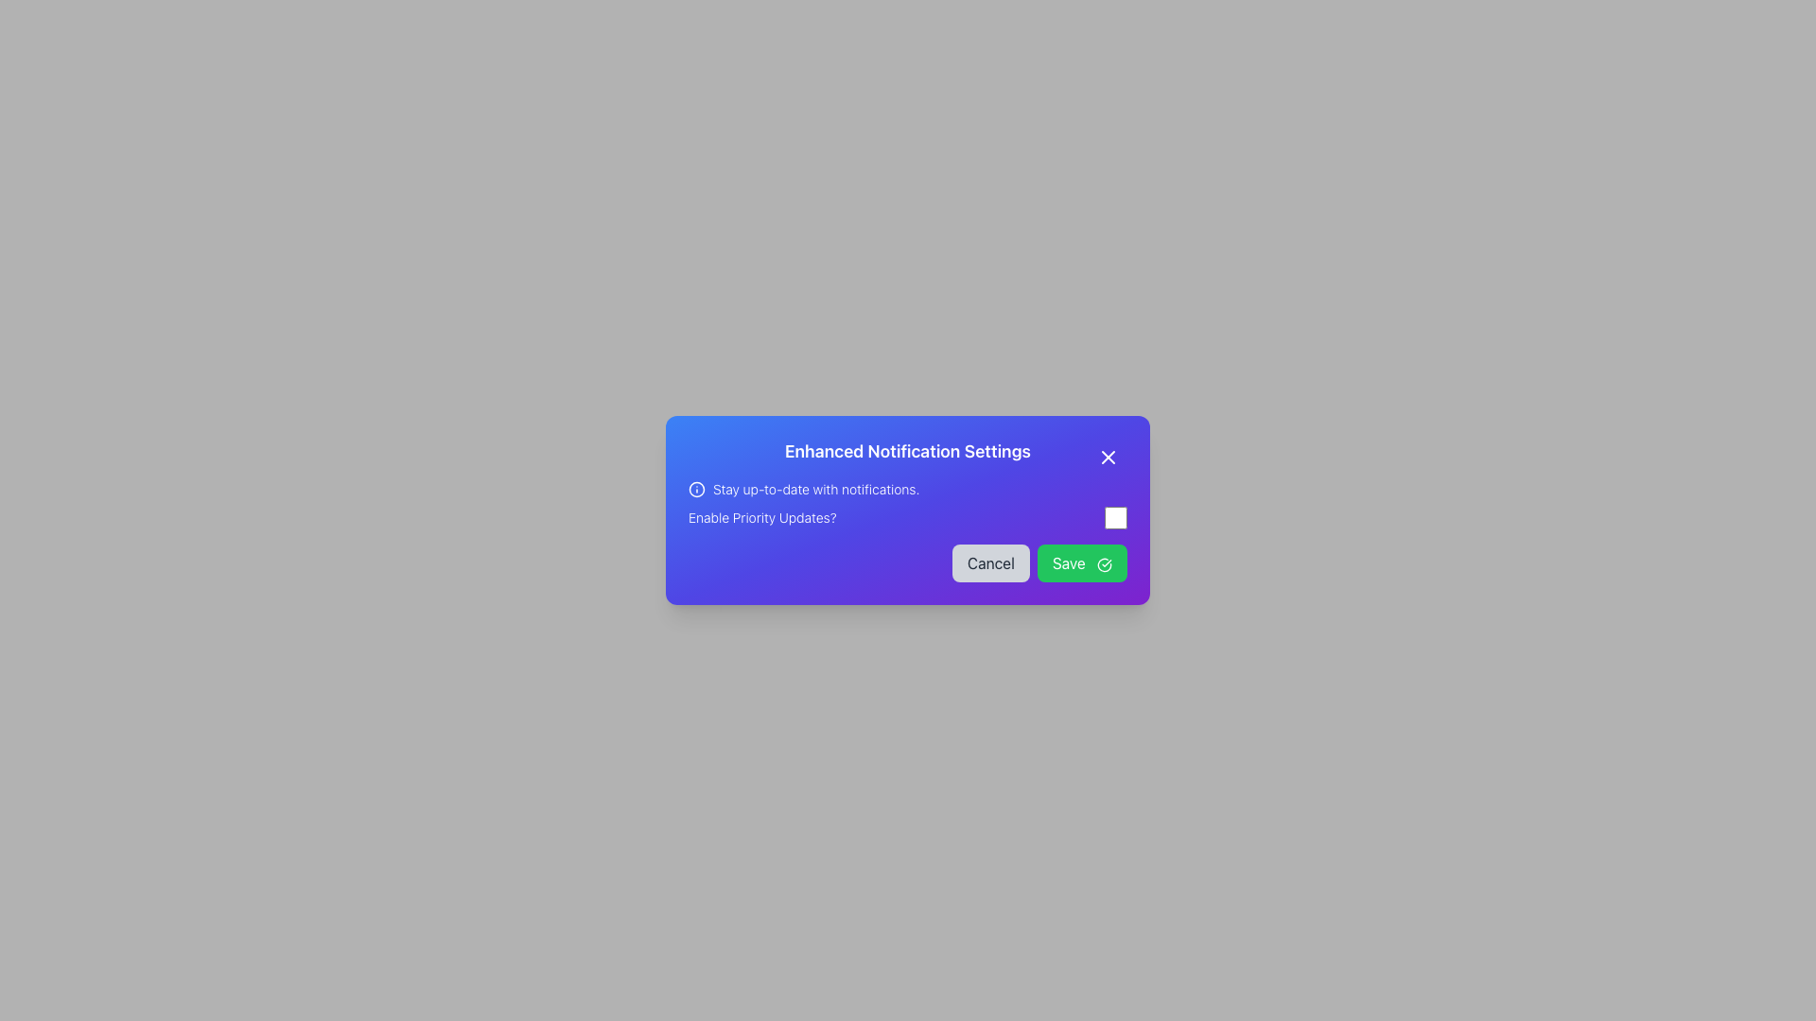 This screenshot has height=1021, width=1816. I want to click on the informational text block with an associated checkbox in the 'Enhanced Notification Settings' modal window, so click(908, 503).